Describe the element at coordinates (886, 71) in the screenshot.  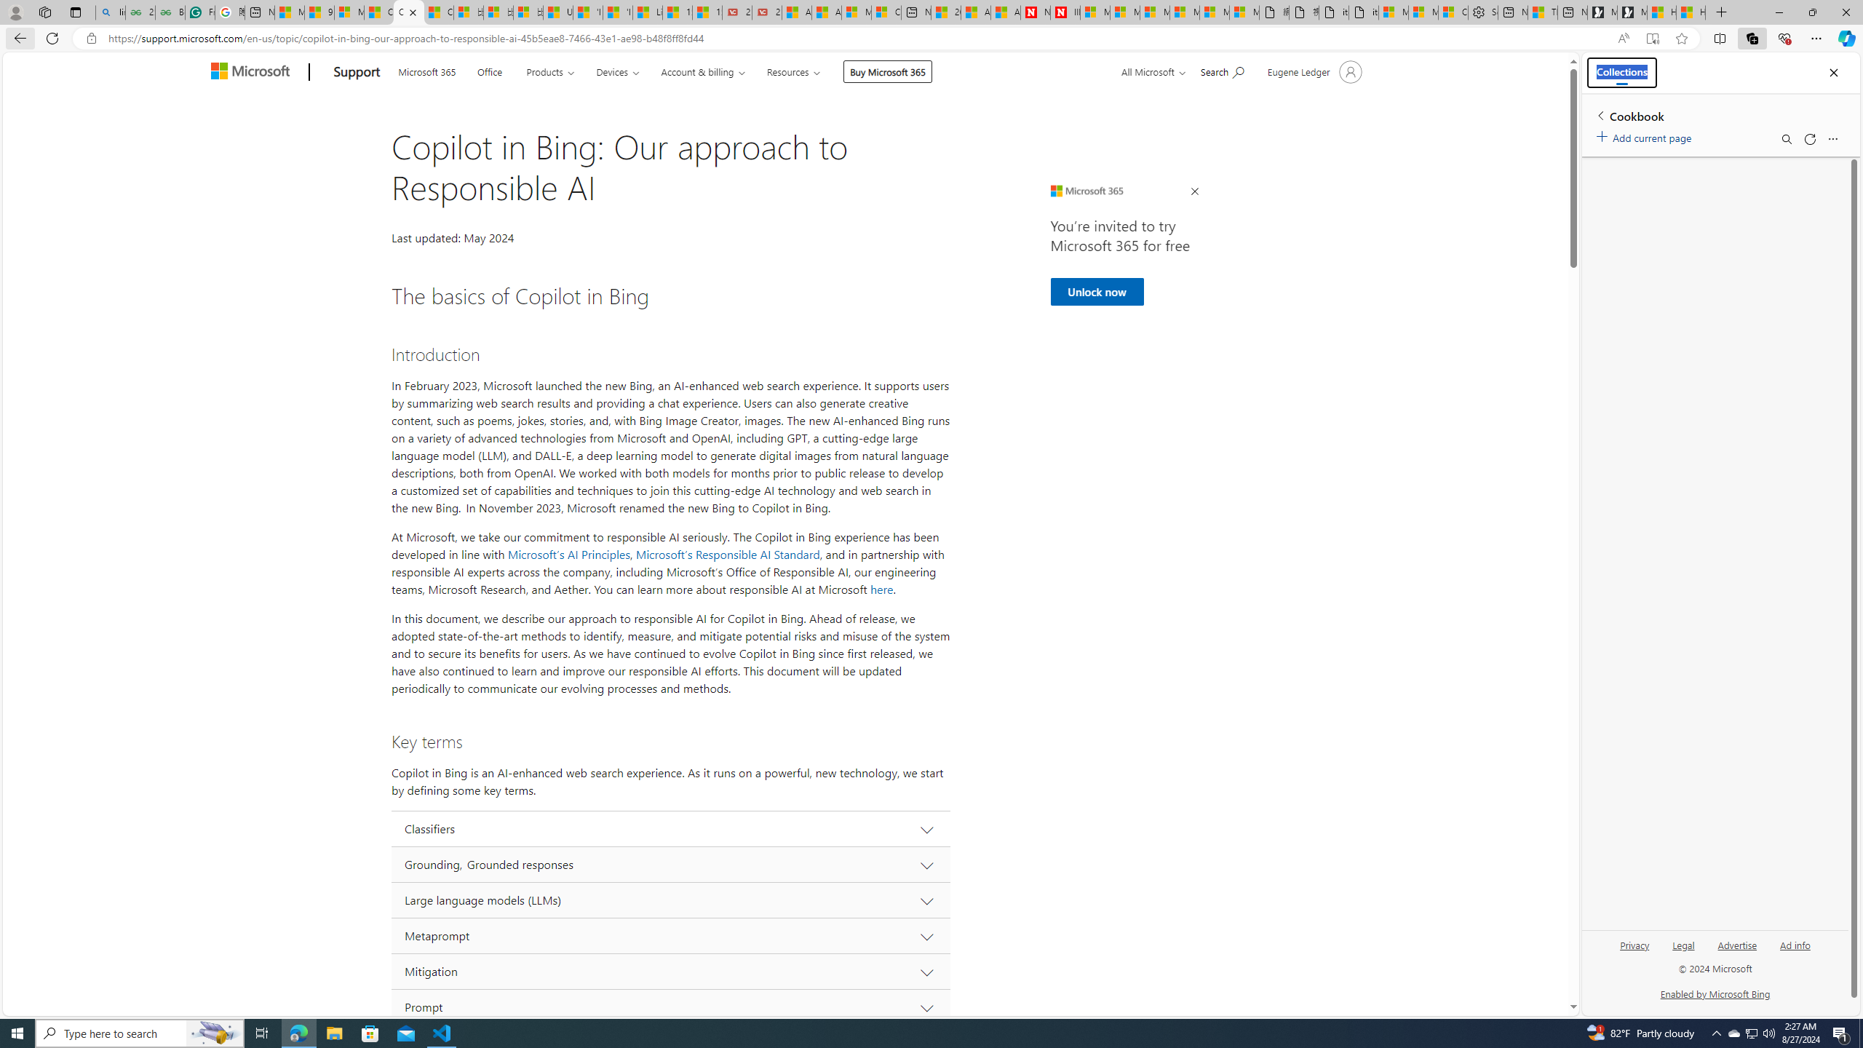
I see `'Buy Microsoft 365'` at that location.